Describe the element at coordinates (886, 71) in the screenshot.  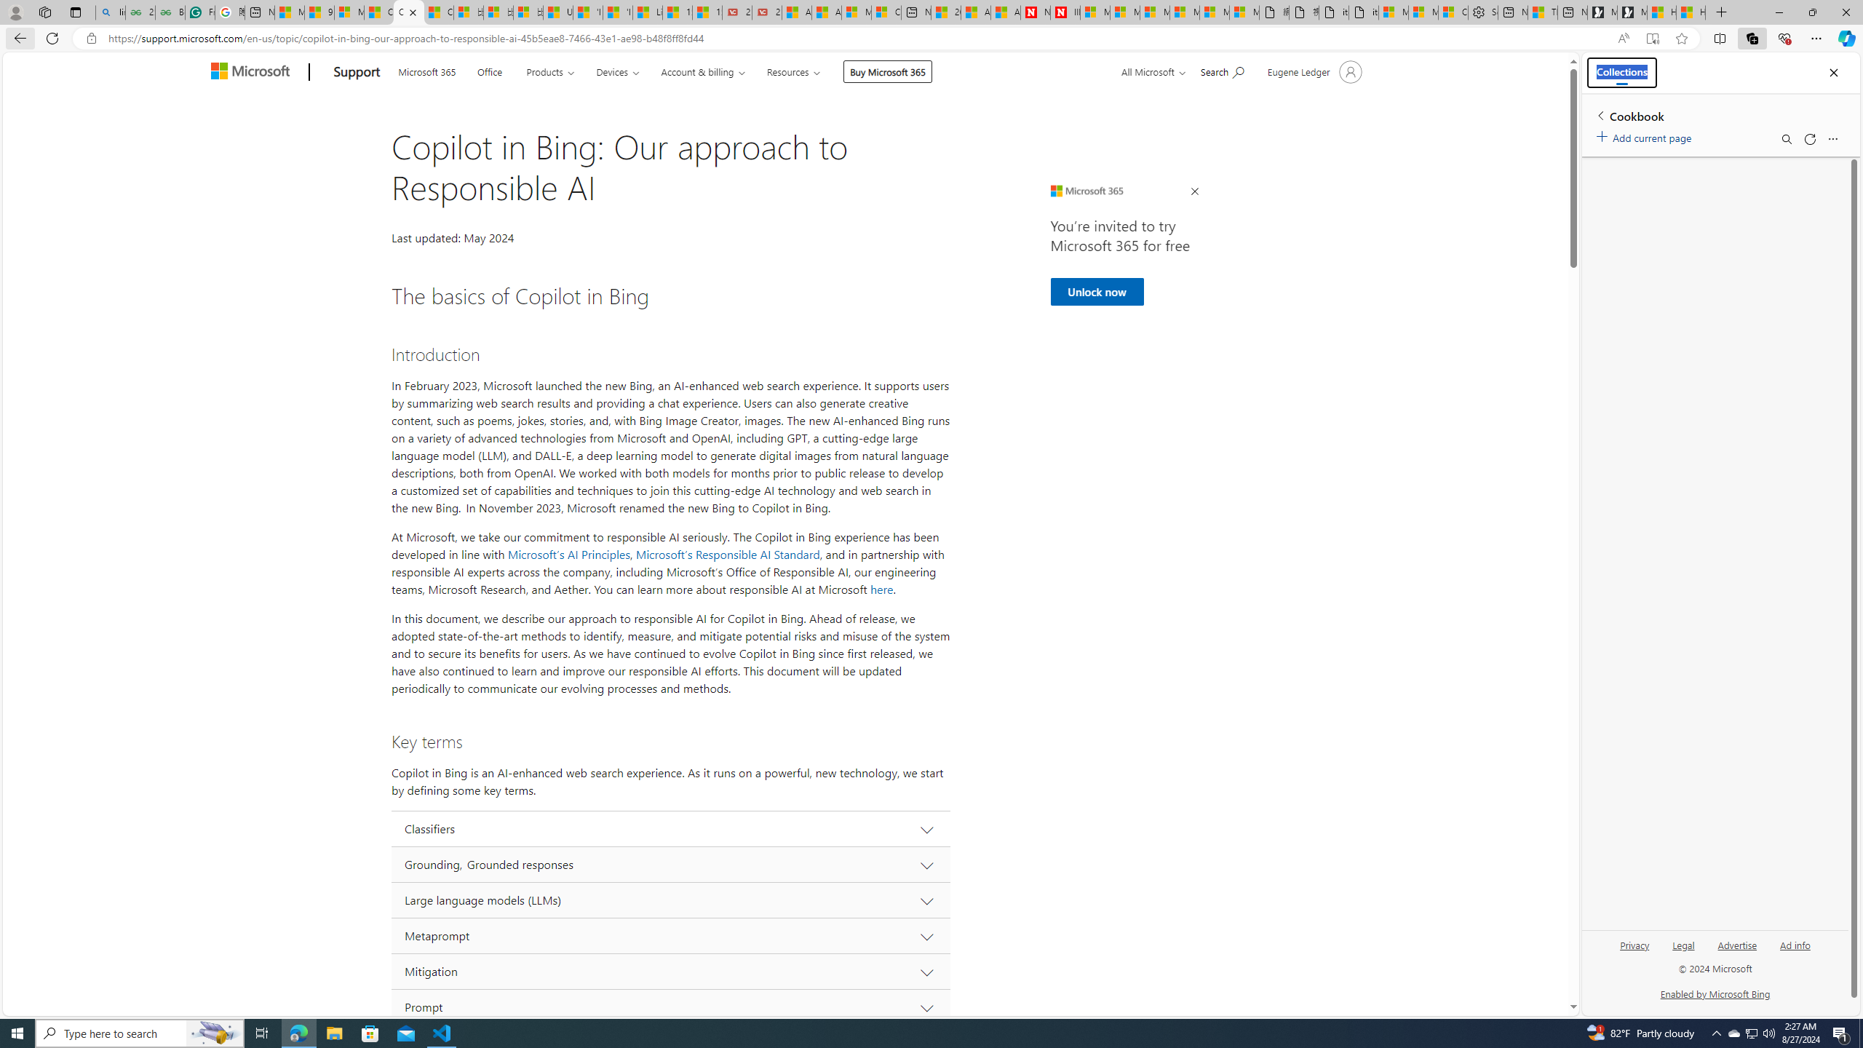
I see `'Buy Microsoft 365'` at that location.